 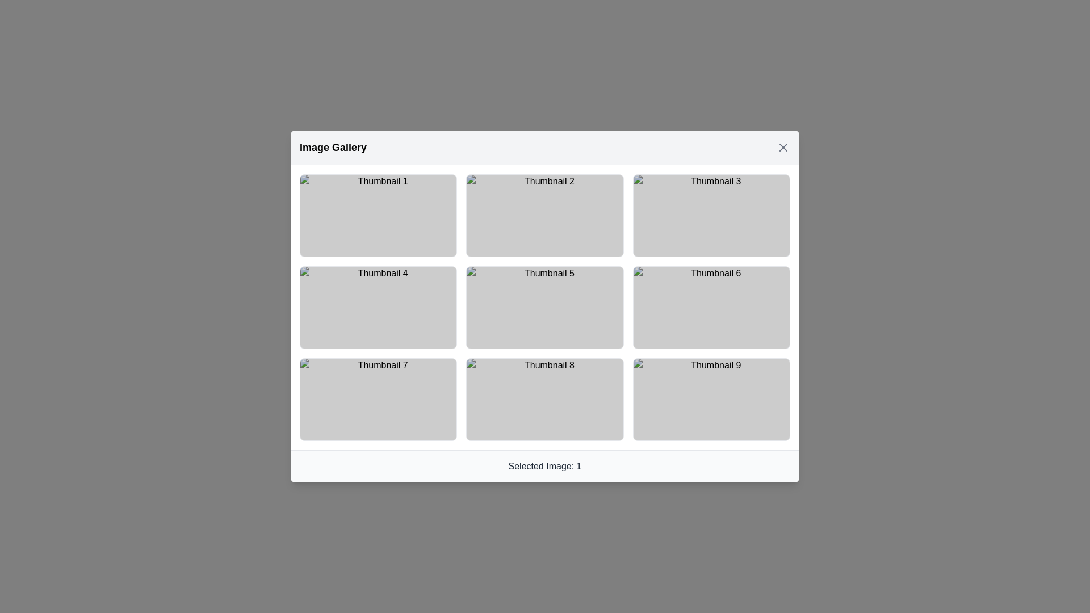 What do you see at coordinates (545, 466) in the screenshot?
I see `the unique text label at the bottom center of the modal window that indicates the currently selected image in the gallery` at bounding box center [545, 466].